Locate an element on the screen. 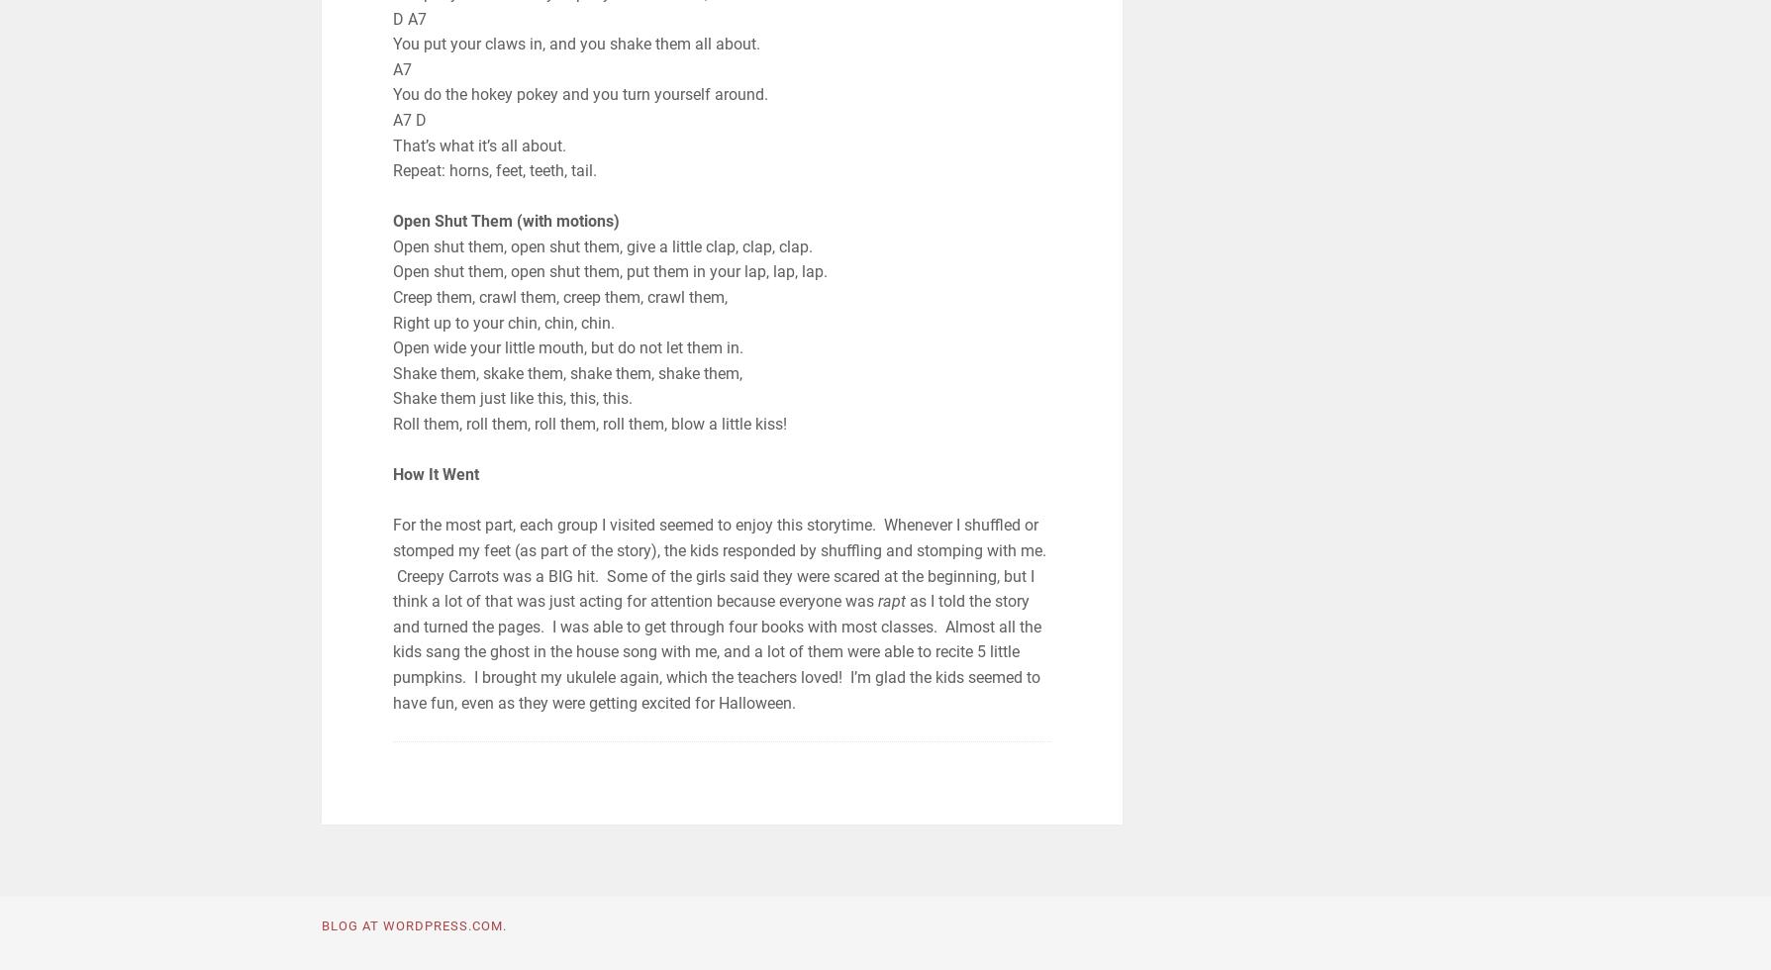 This screenshot has width=1771, height=970. 'For the most part, each group I visited seemed to enjoy this storytime.  Whenever I shuffled or stomped my feet (as part of the story), the kids responded by shuffling and stomping with me.  Creepy Carrots was a BIG hit.  Some of the girls said they were scared at the beginning, but I think a lot of that was just acting for attention because everyone was' is located at coordinates (718, 562).